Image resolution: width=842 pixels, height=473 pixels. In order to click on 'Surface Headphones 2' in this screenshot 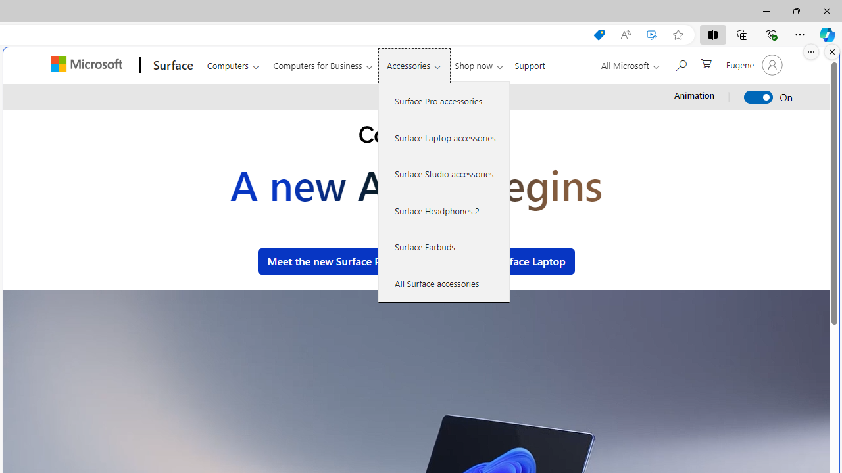, I will do `click(444, 210)`.